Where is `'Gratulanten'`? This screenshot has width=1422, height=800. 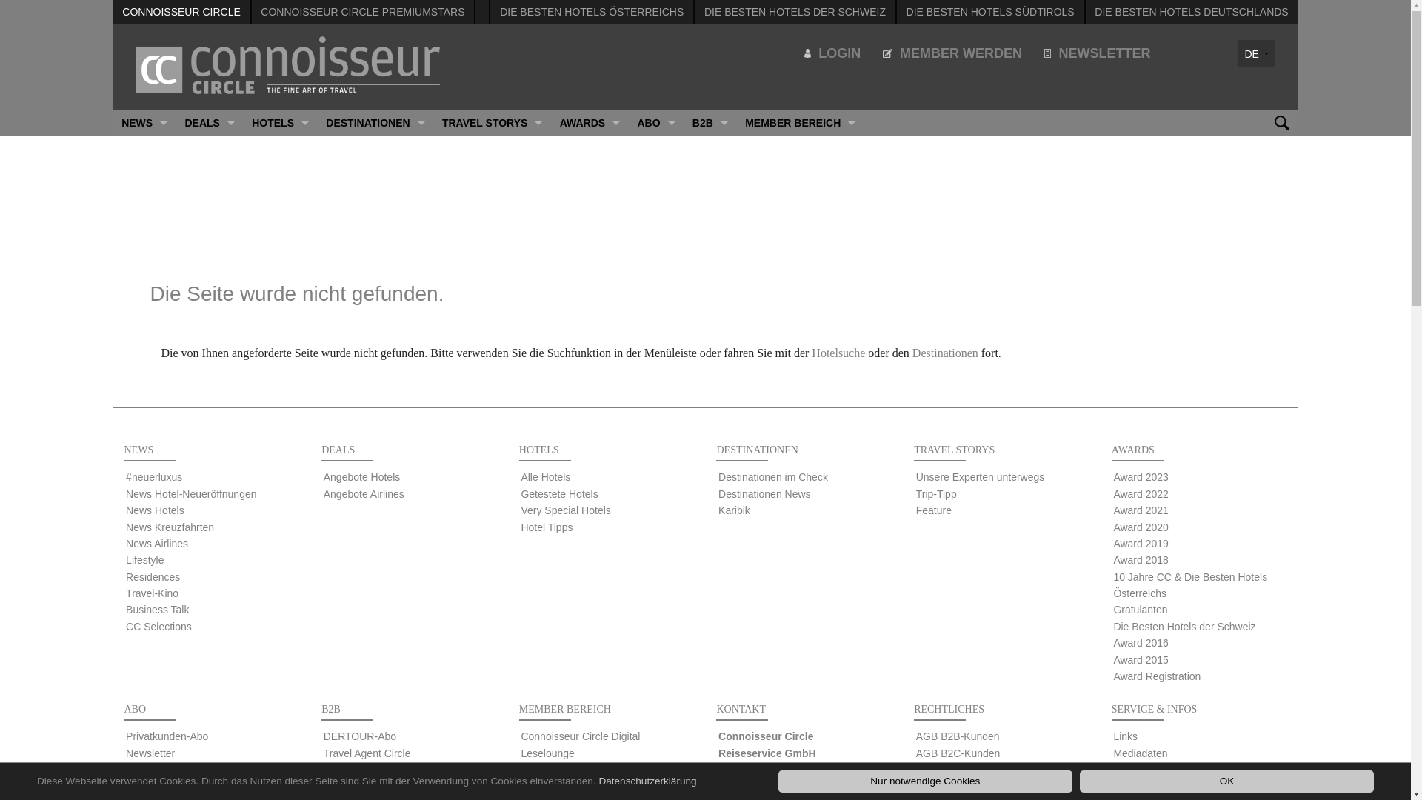 'Gratulanten' is located at coordinates (1139, 609).